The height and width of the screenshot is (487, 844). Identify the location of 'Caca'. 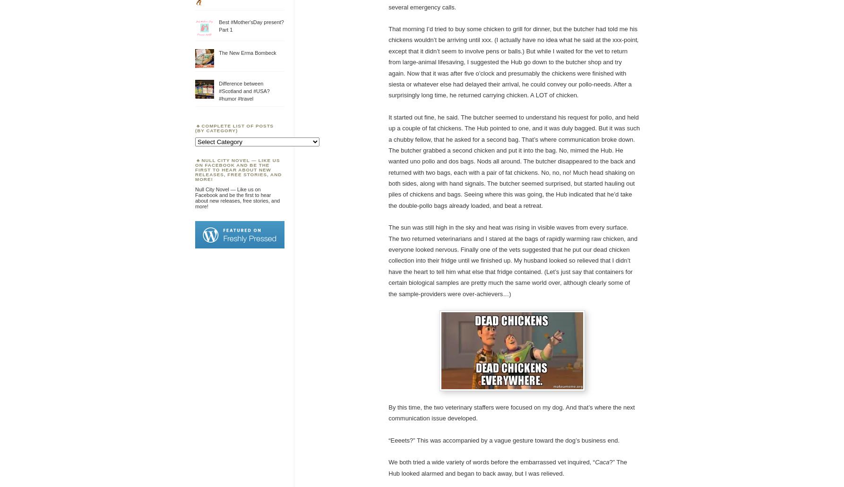
(594, 461).